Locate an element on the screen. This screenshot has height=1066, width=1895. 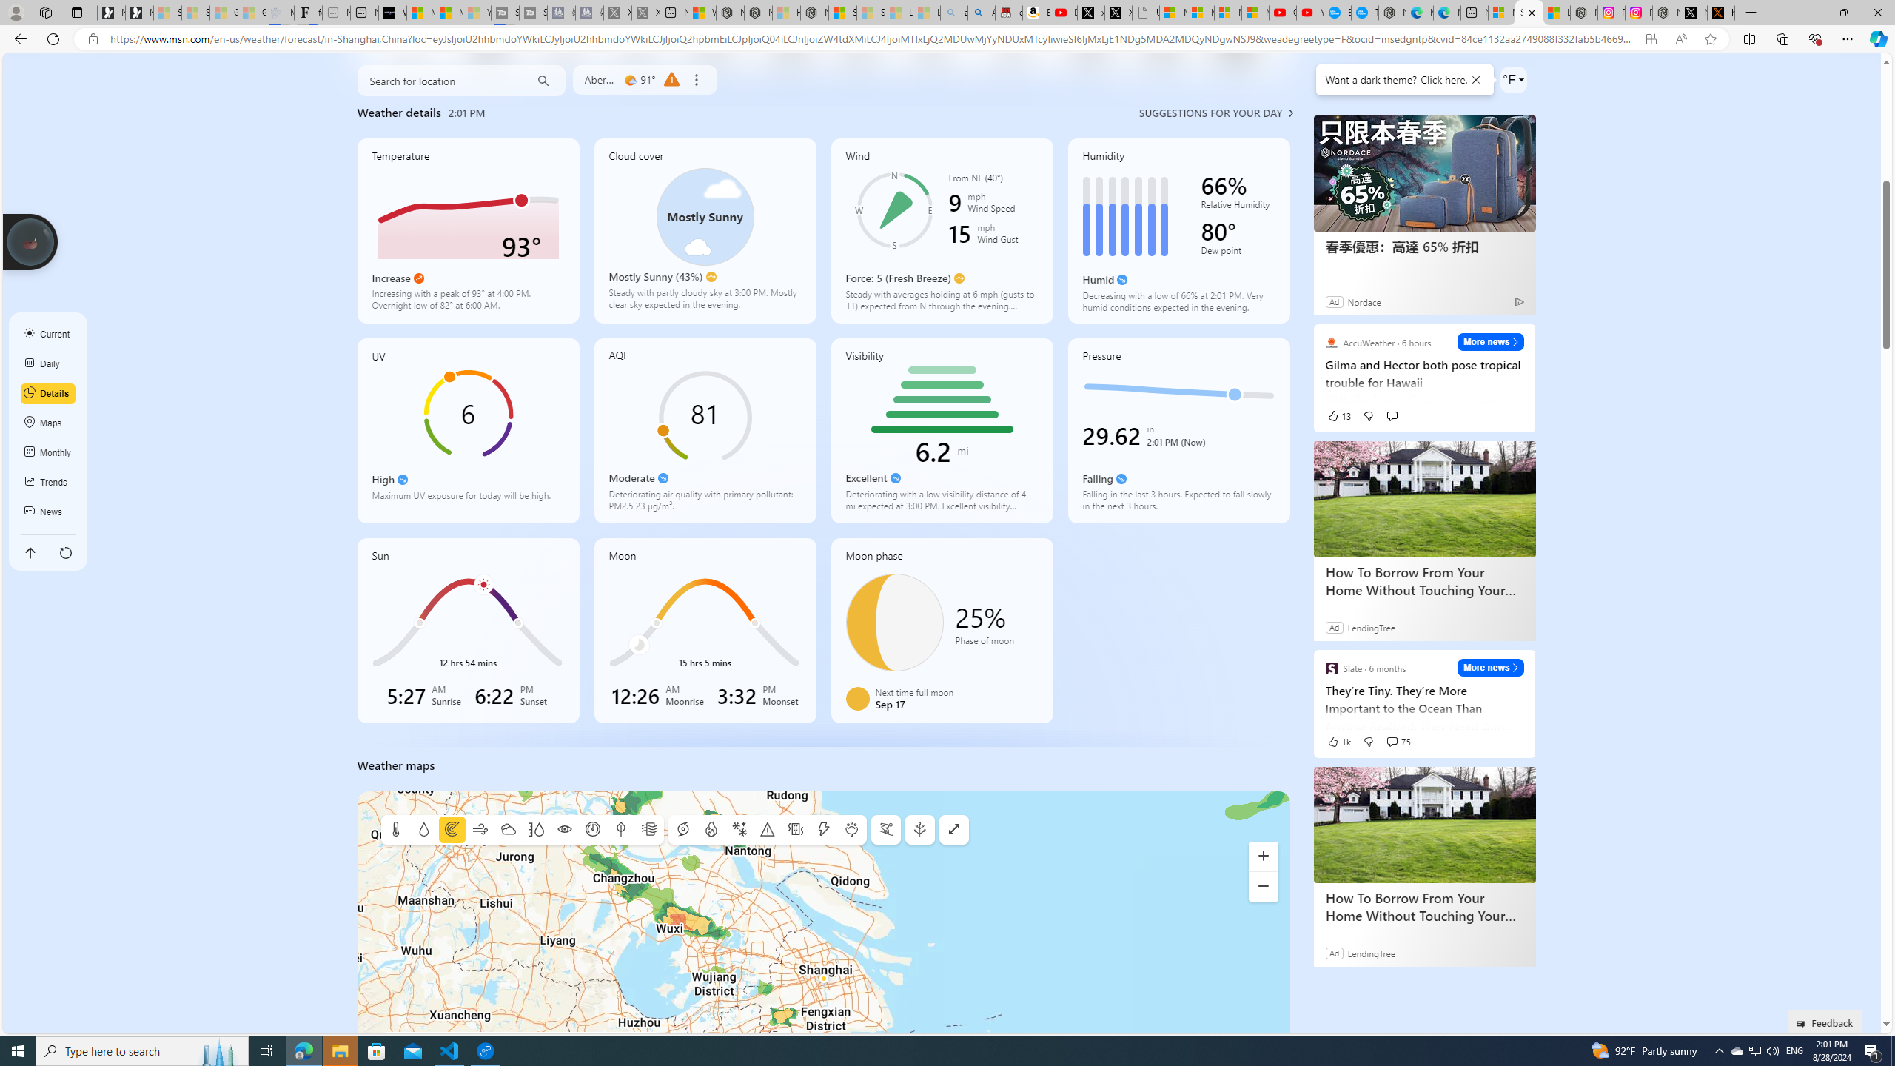
'E-tree' is located at coordinates (919, 830).